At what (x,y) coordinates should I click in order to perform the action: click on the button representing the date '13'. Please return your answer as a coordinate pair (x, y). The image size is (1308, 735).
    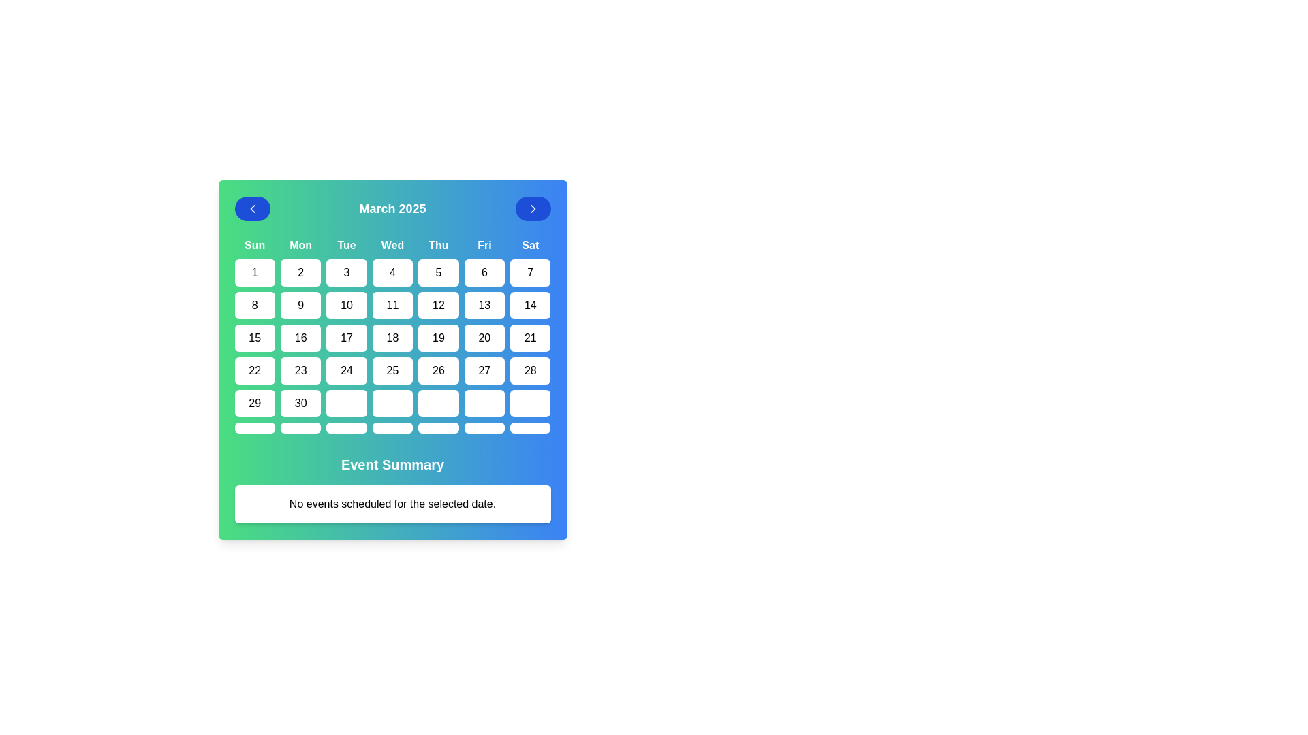
    Looking at the image, I should click on (484, 304).